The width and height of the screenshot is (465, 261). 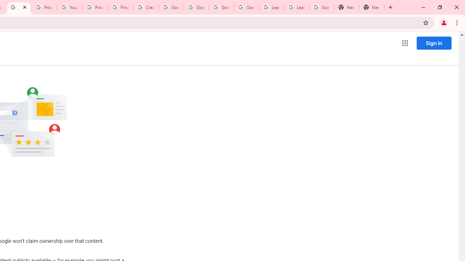 What do you see at coordinates (145, 7) in the screenshot?
I see `'Create your Google Account'` at bounding box center [145, 7].